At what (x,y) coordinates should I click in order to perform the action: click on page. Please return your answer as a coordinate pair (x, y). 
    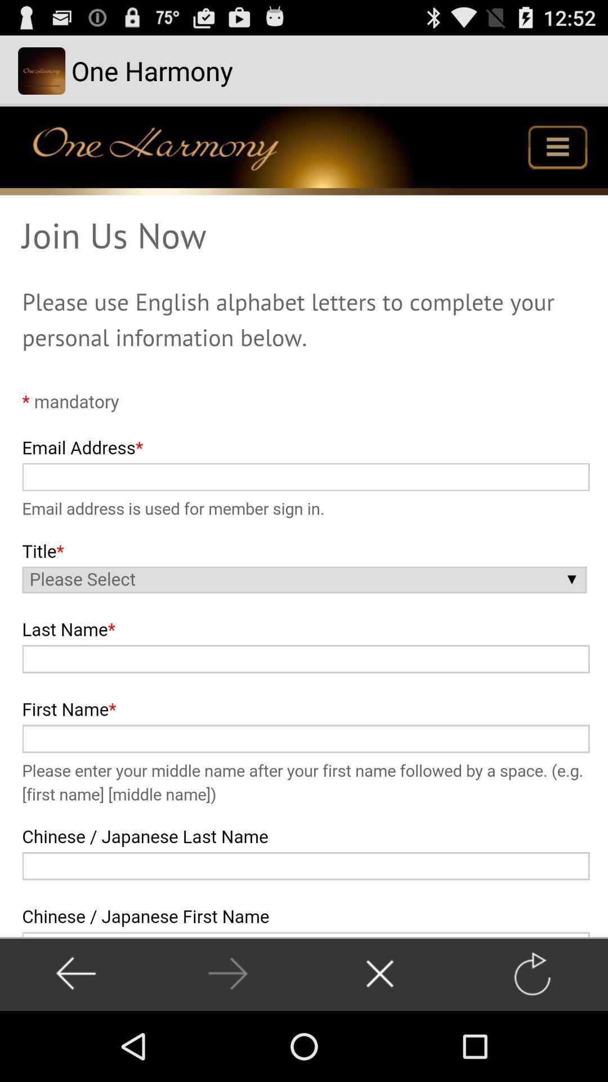
    Looking at the image, I should click on (380, 973).